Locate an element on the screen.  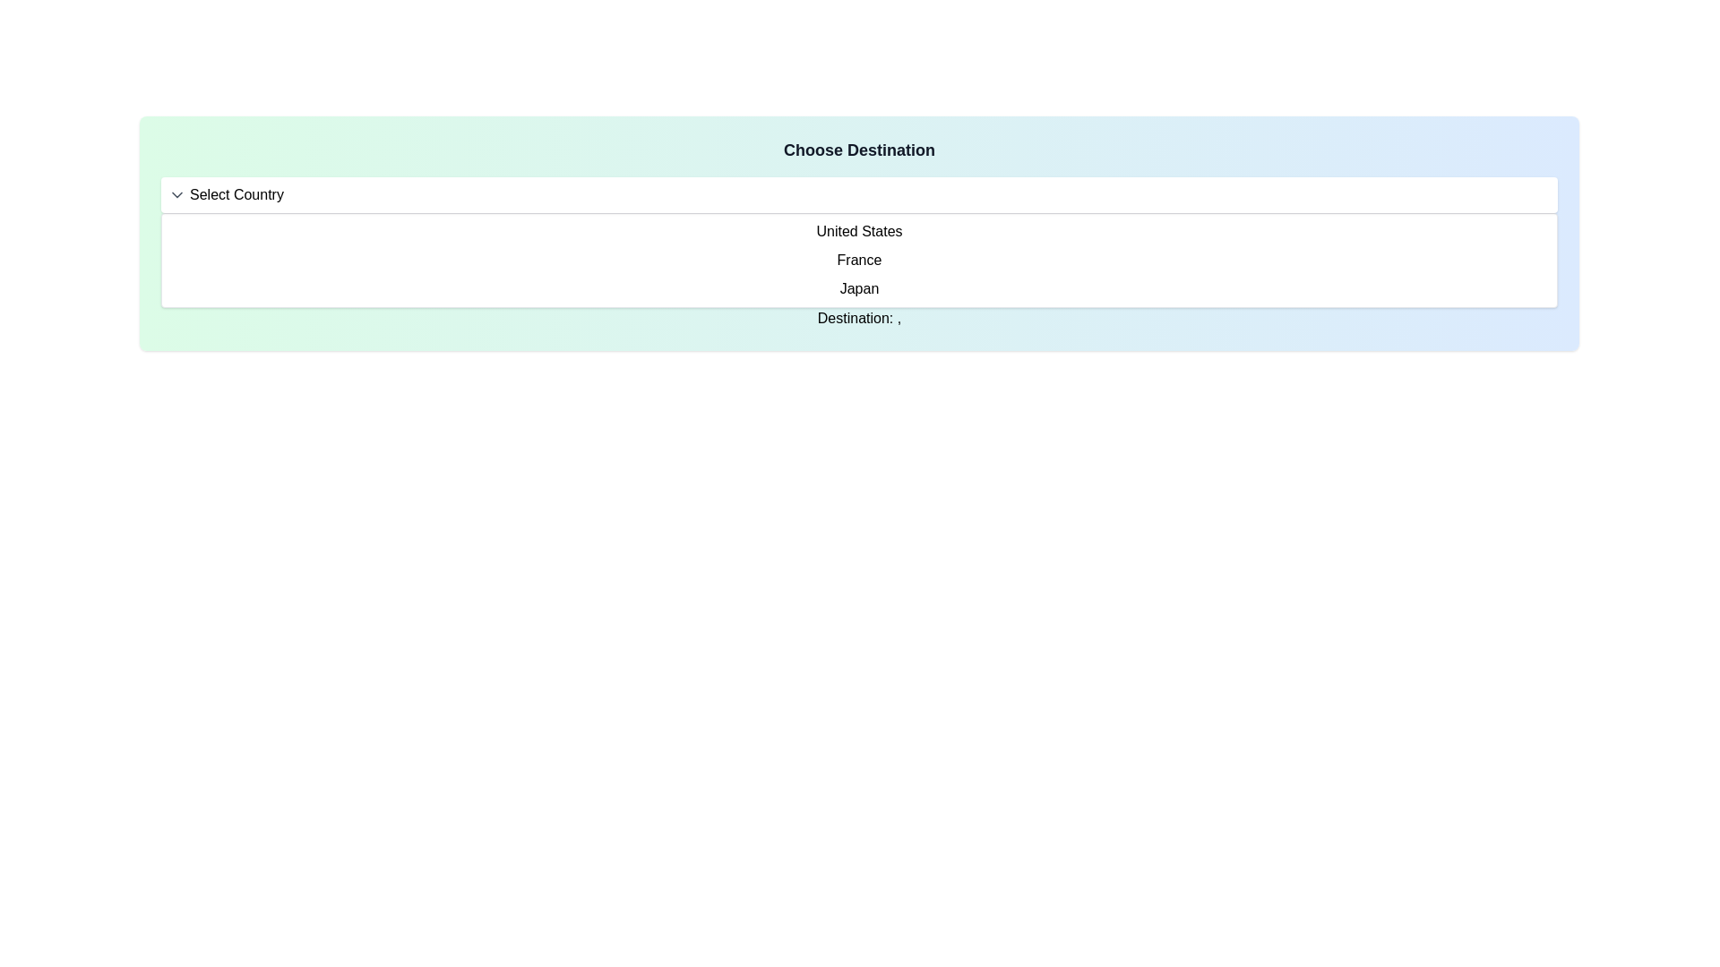
the selectable list item labeled 'United States' is located at coordinates (858, 230).